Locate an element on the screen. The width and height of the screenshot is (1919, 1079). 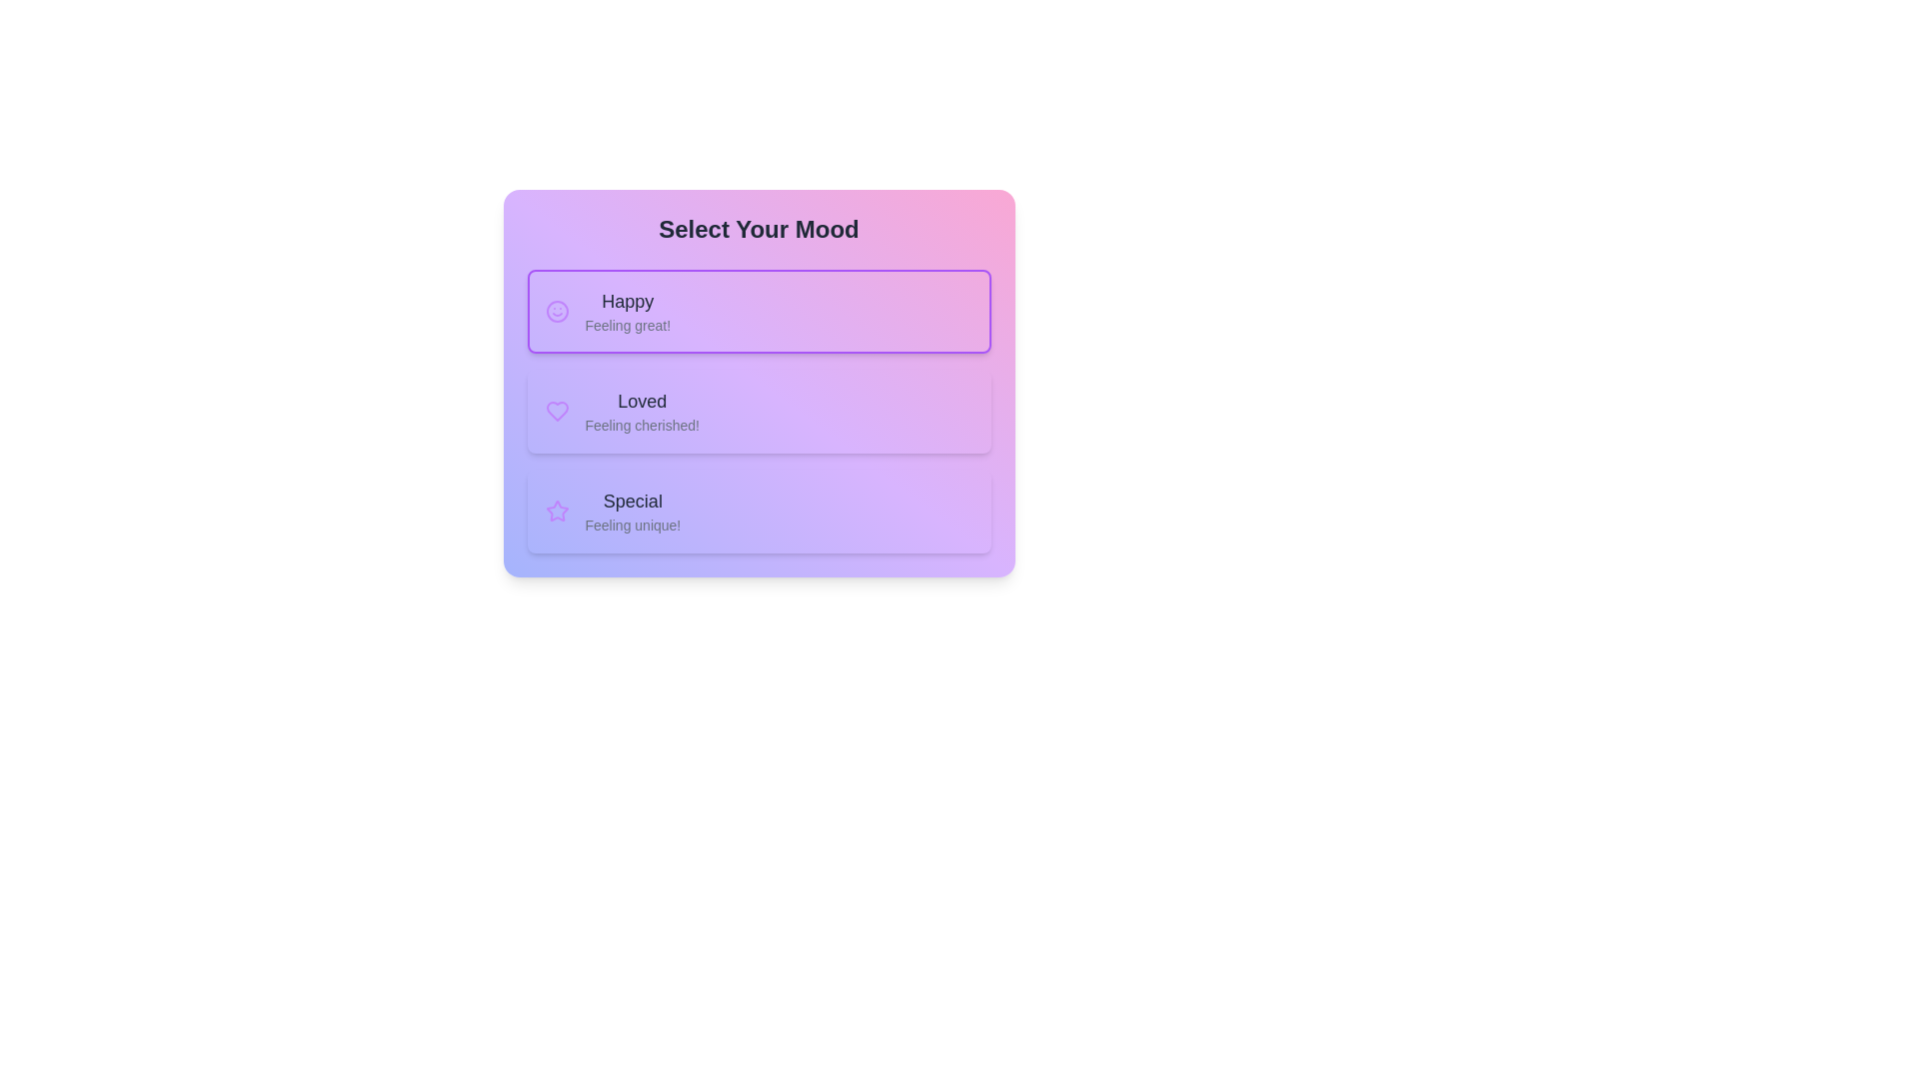
the surrounding button for selection of the mood choice labeled 'Happy' in the vertically stacked selection box titled 'Select Your Mood' is located at coordinates (627, 312).